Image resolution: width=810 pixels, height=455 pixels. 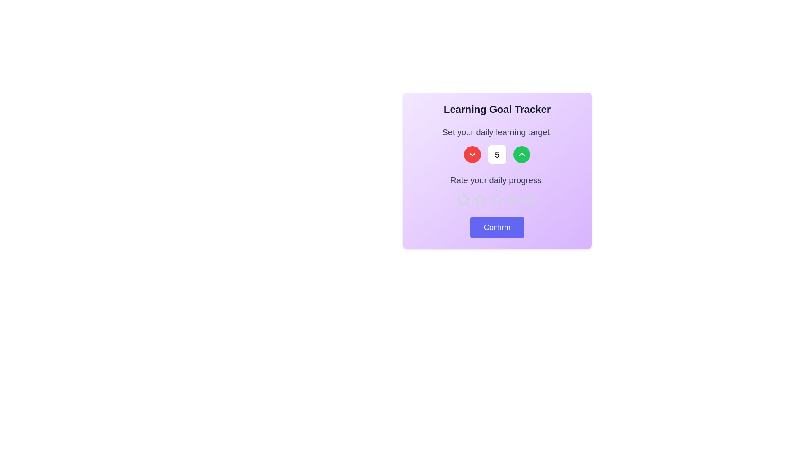 What do you see at coordinates (497, 227) in the screenshot?
I see `the 'Confirm' button with white text on a blue background` at bounding box center [497, 227].